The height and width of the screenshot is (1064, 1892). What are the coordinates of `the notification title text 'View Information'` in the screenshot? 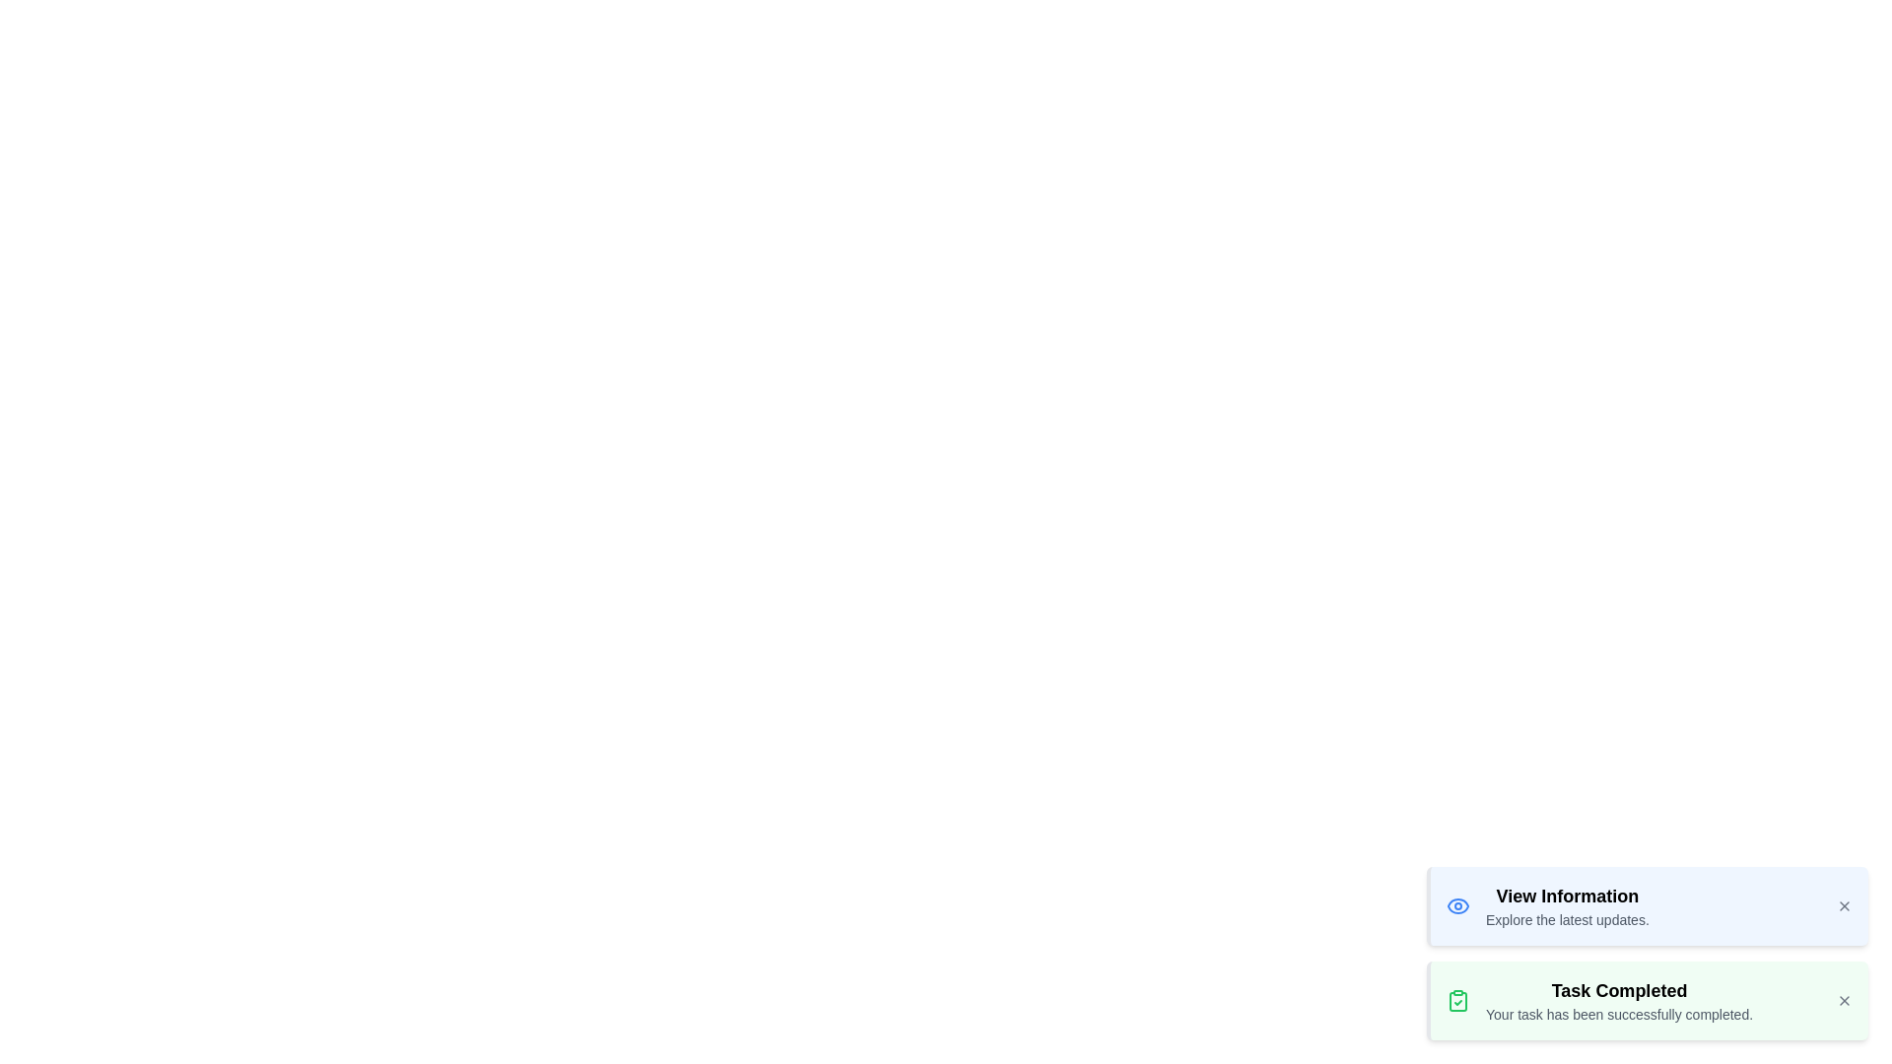 It's located at (1566, 897).